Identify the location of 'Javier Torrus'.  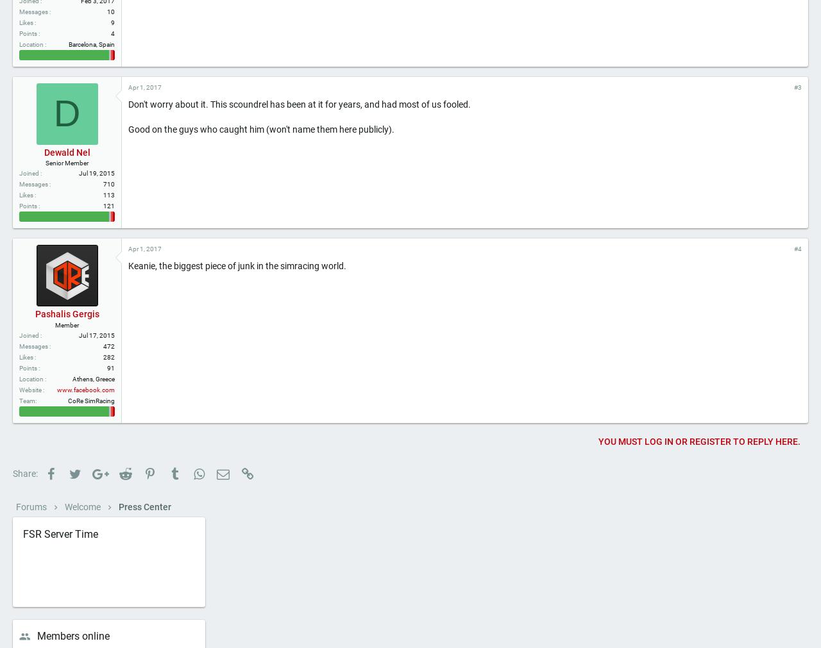
(66, 21).